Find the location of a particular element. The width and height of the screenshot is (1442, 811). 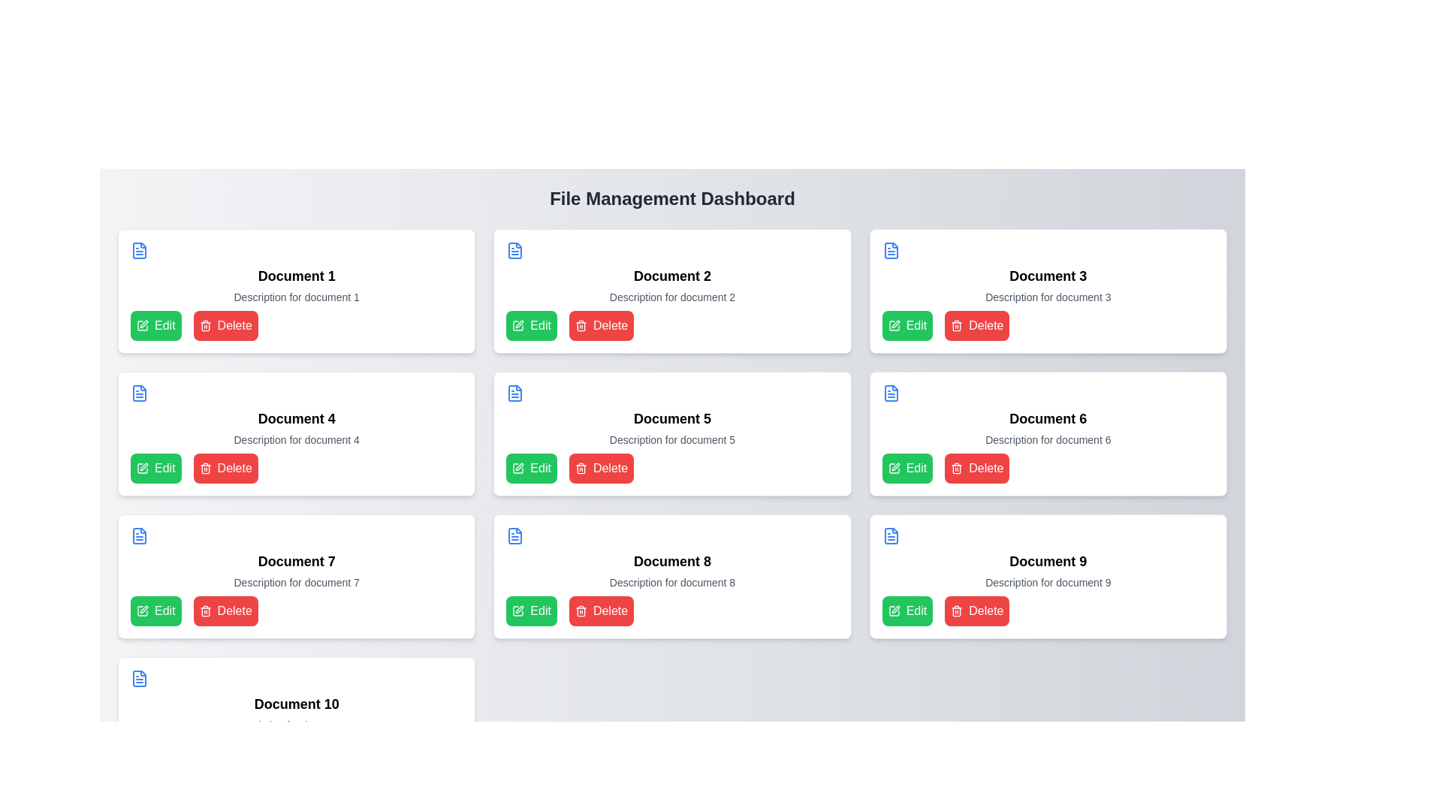

the red trash can icon located to the left of the 'Delete' text in the 'Delete' button is located at coordinates (204, 468).